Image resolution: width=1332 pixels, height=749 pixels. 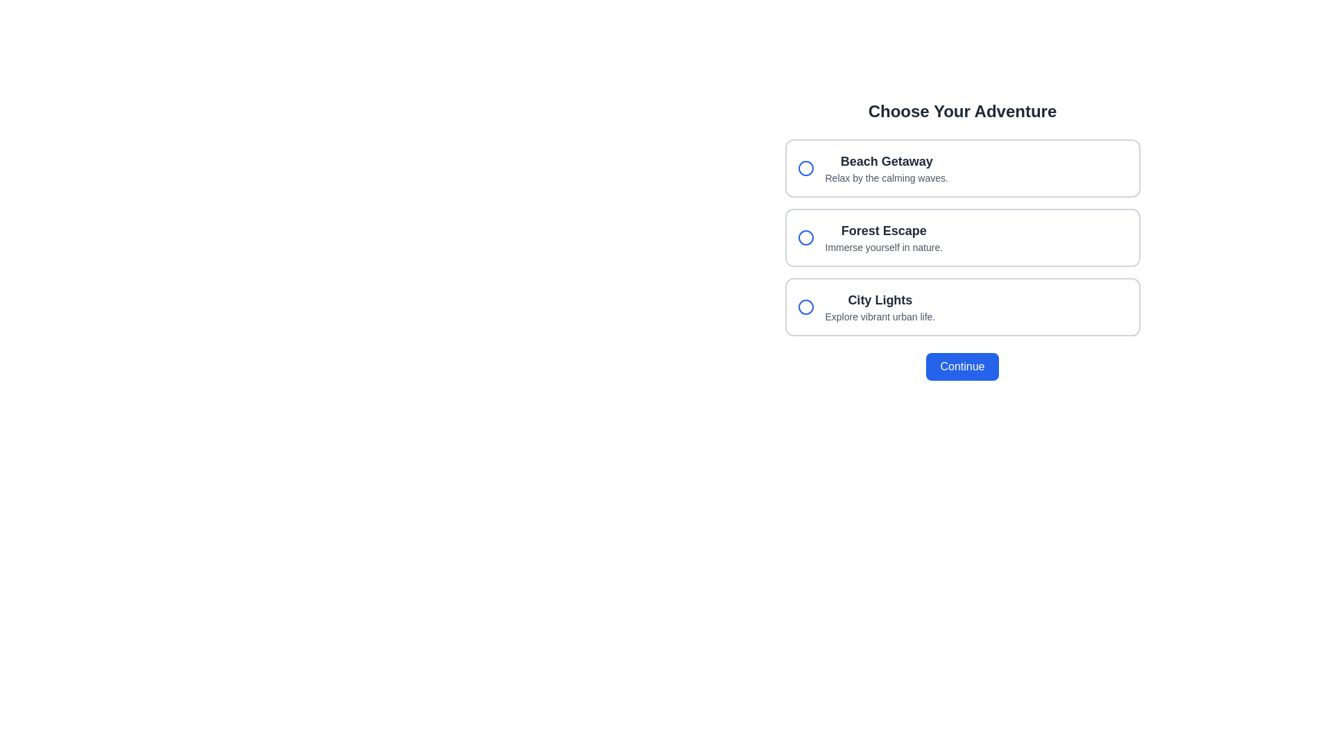 What do you see at coordinates (883, 247) in the screenshot?
I see `the descriptive text label located below the 'Forest Escape' option in the second option card of the 'Choose Your Adventure' selection interface` at bounding box center [883, 247].